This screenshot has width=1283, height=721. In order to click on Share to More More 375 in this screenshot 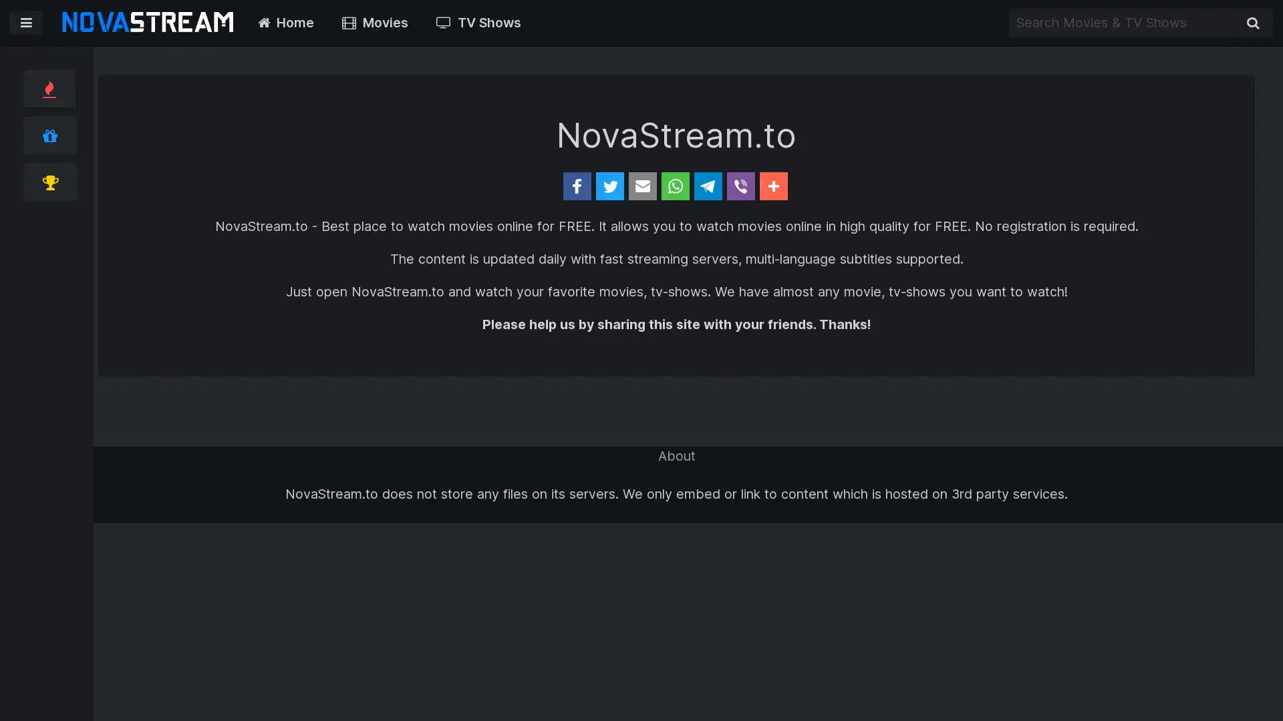, I will do `click(907, 186)`.